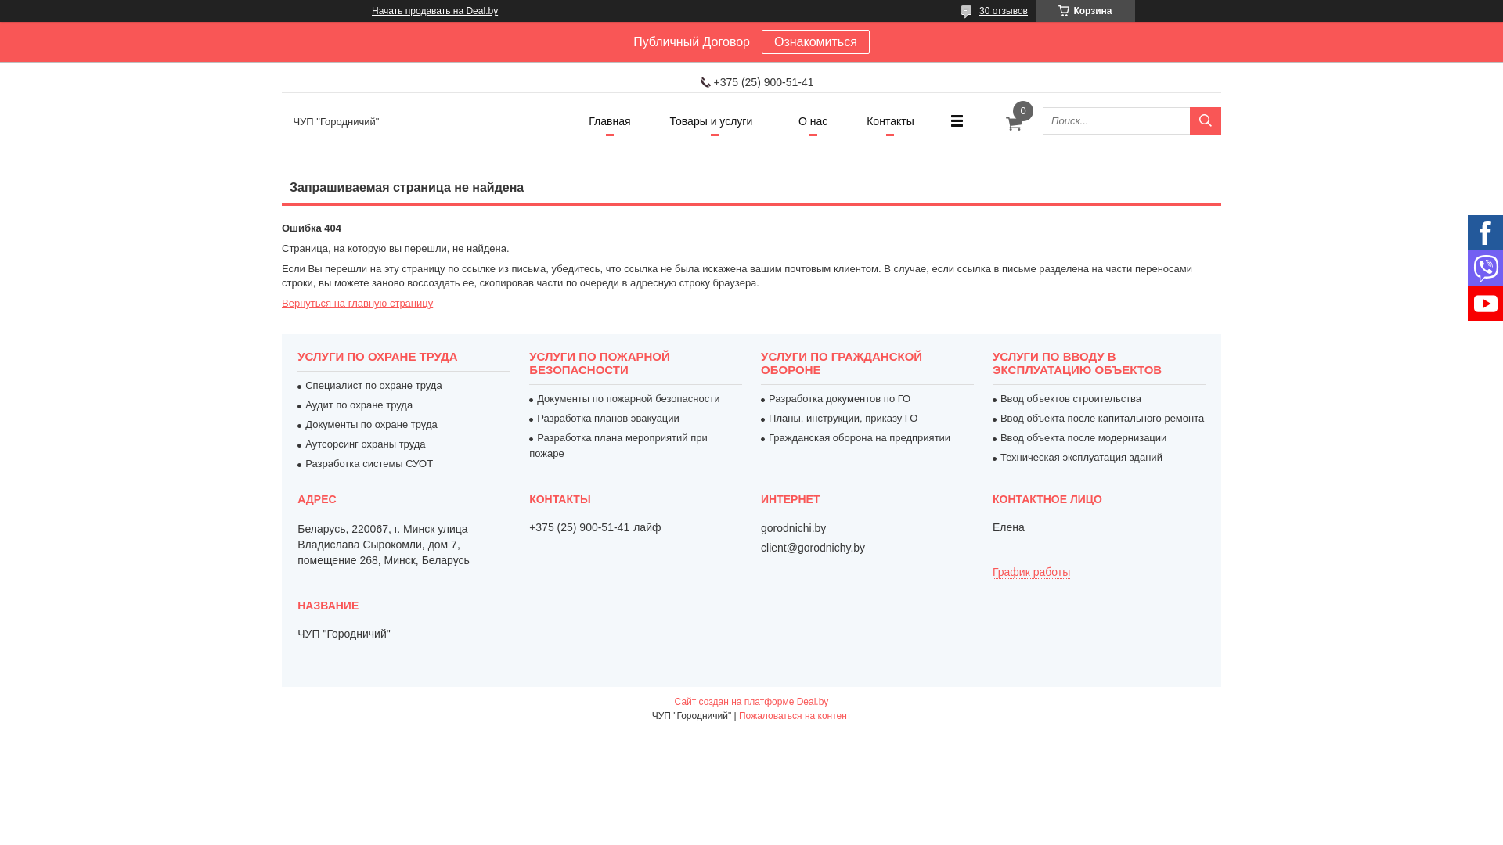 This screenshot has height=845, width=1503. I want to click on 'client@gorodnichy.by', so click(760, 546).